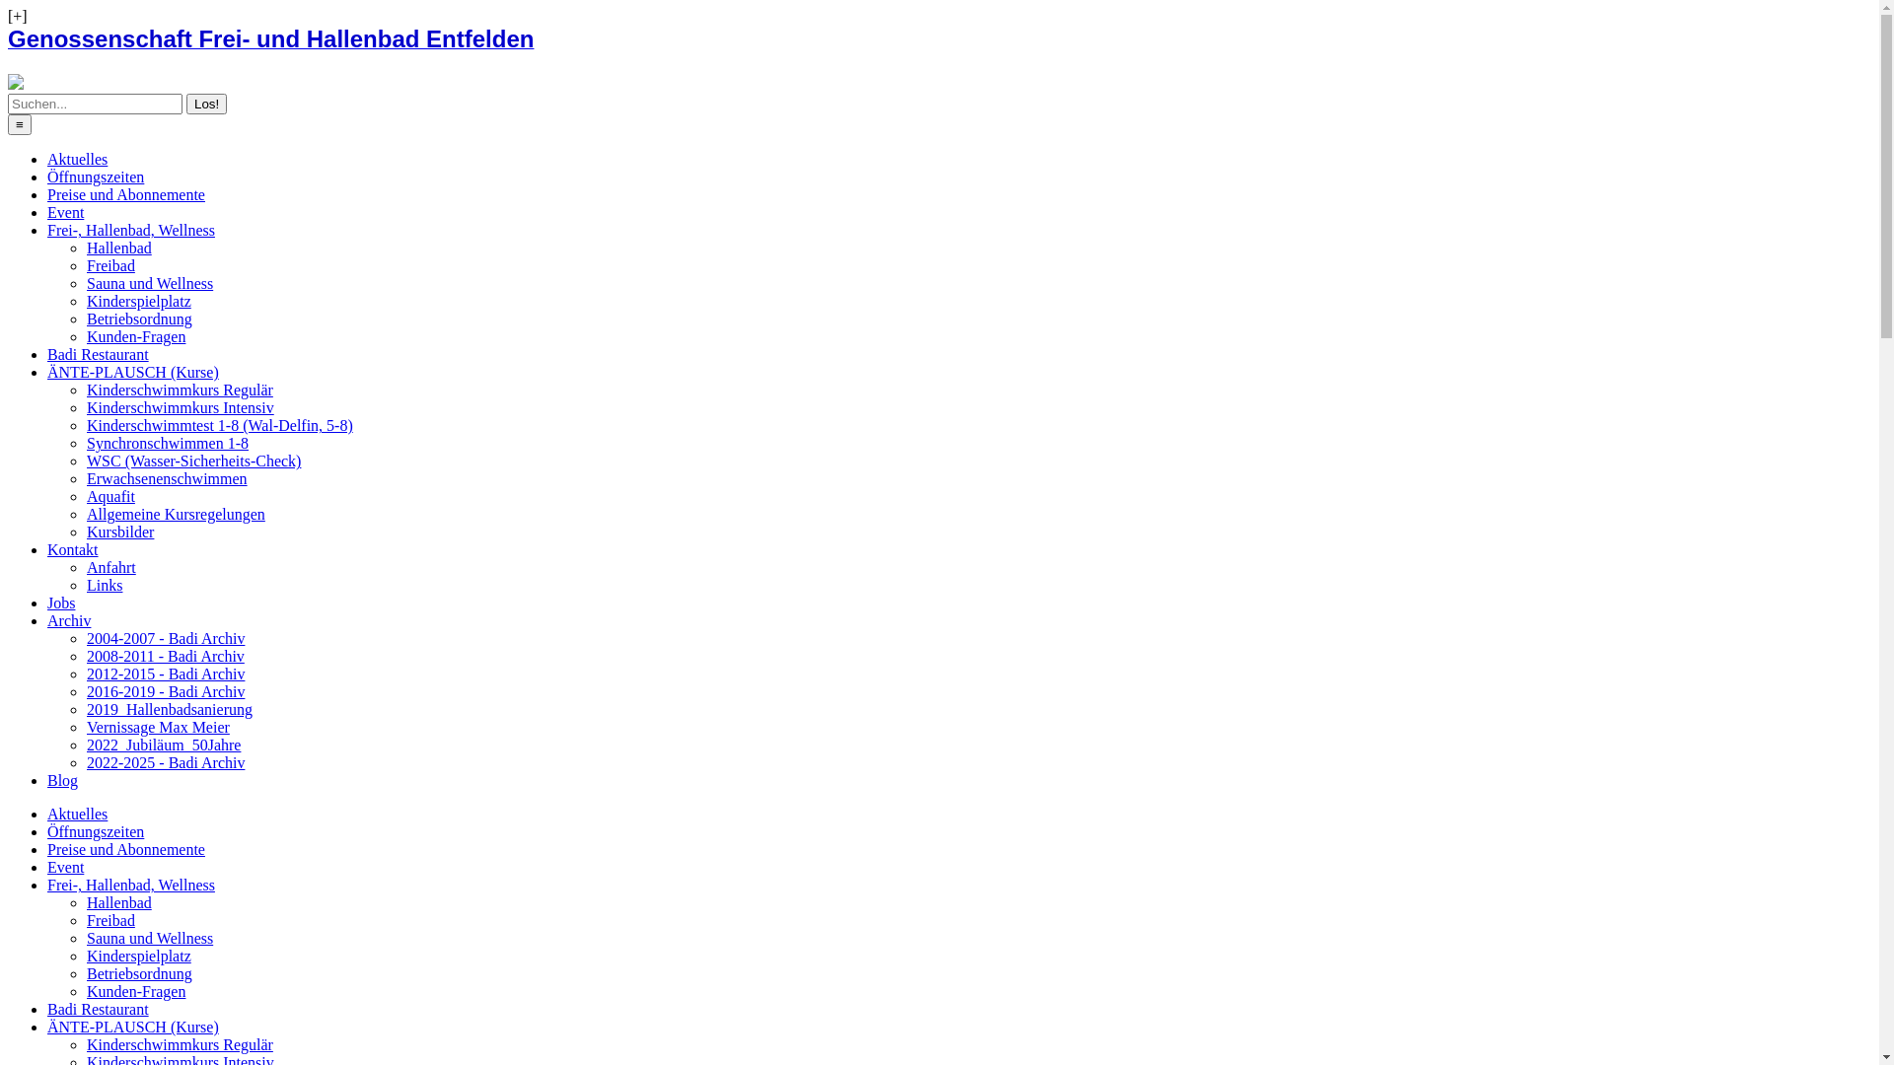 This screenshot has height=1065, width=1894. I want to click on '2008-2011 - Badi Archiv', so click(166, 656).